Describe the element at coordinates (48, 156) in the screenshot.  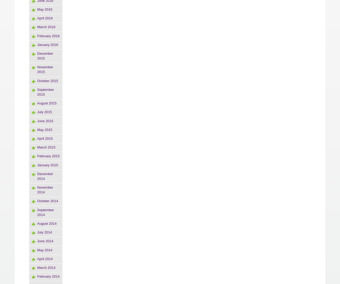
I see `'February 2015'` at that location.